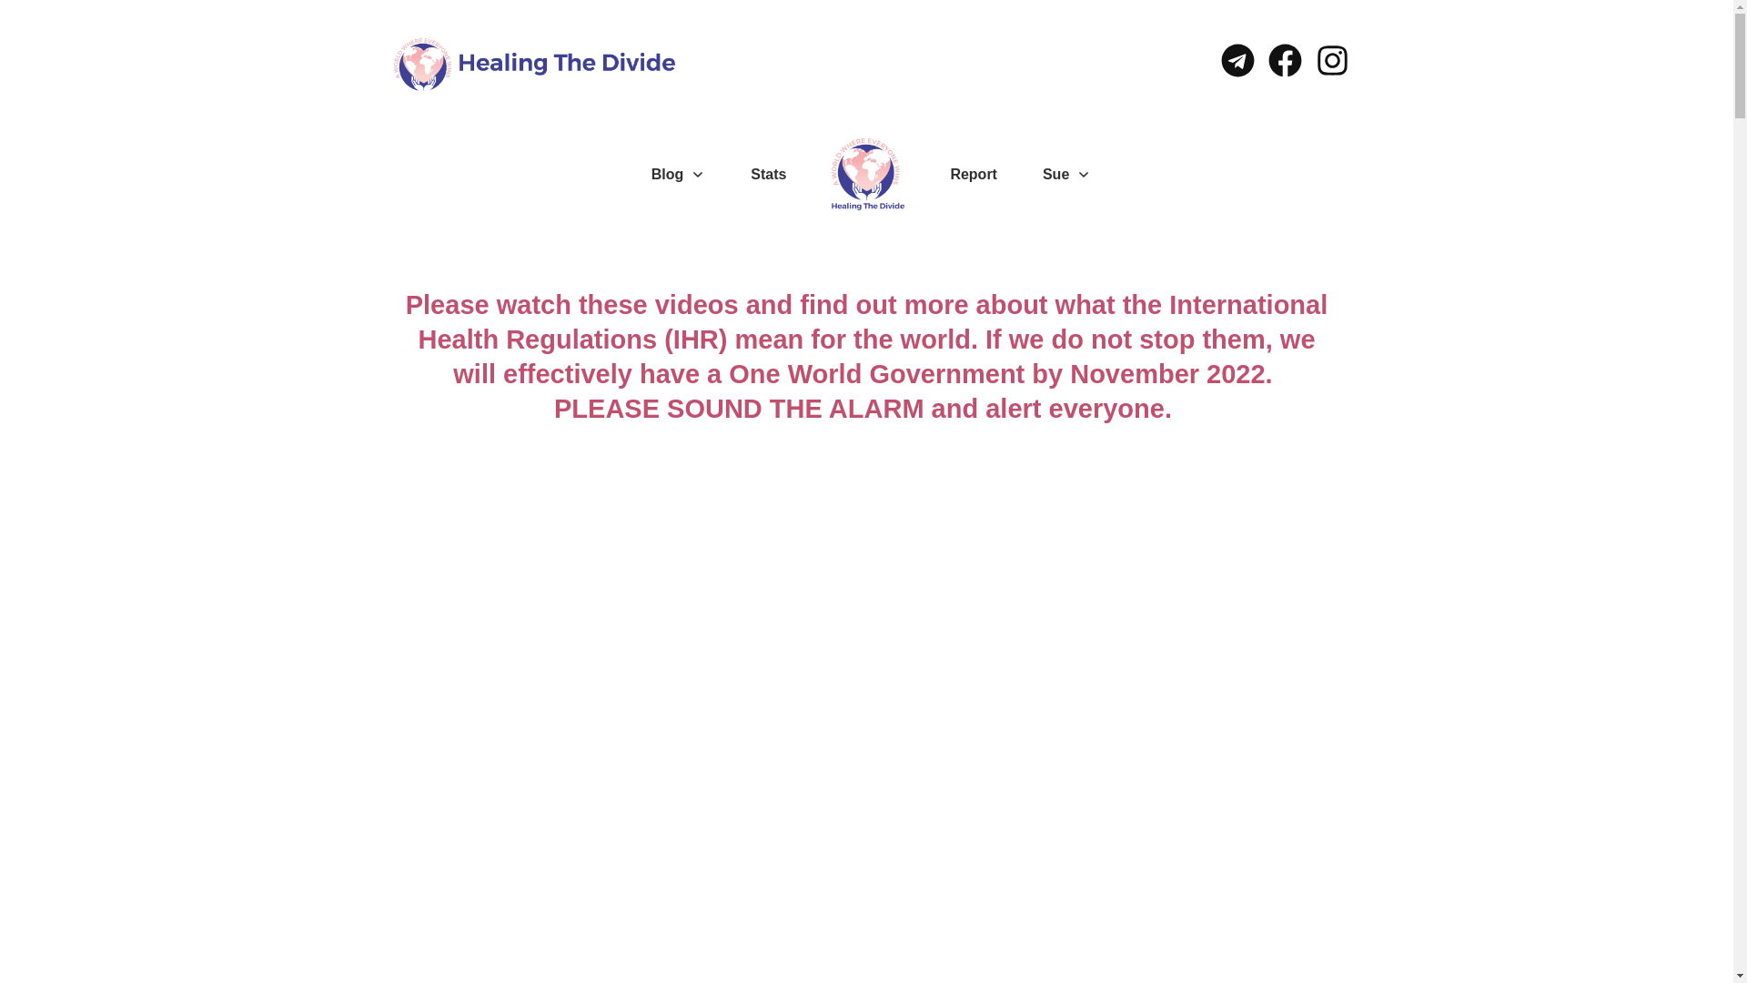 This screenshot has height=983, width=1747. I want to click on 'Sue', so click(1043, 175).